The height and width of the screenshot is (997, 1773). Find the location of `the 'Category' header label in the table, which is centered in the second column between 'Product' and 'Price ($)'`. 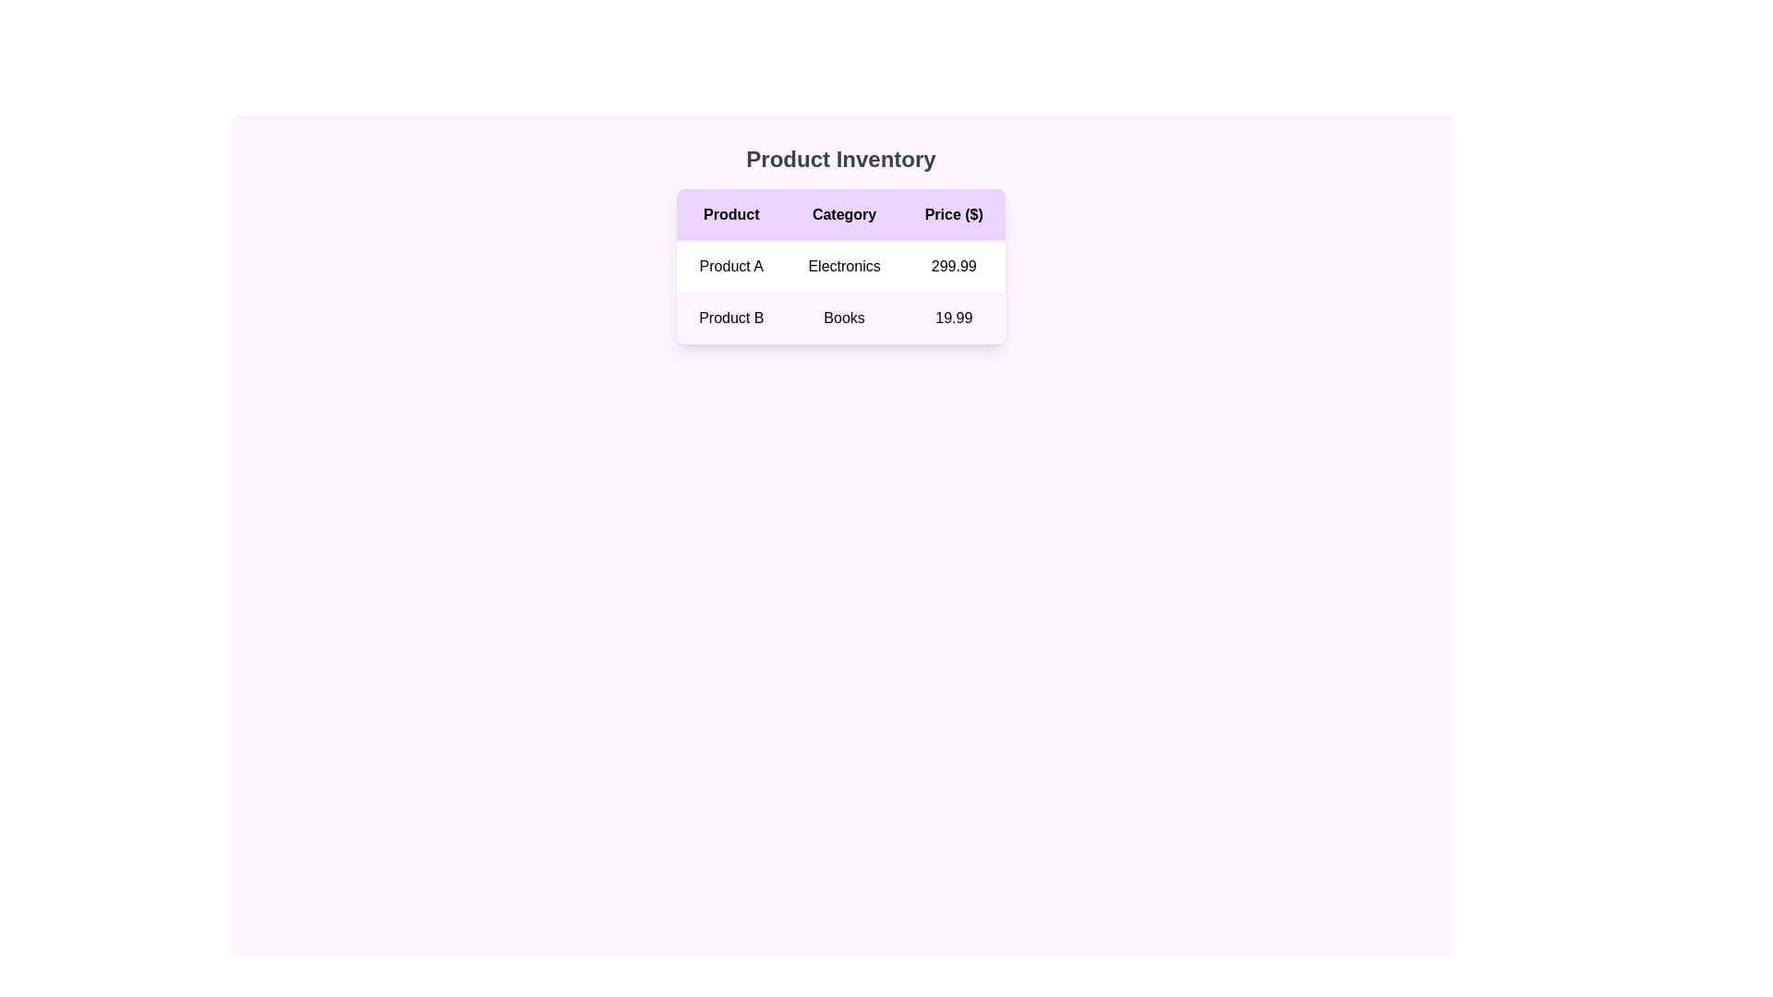

the 'Category' header label in the table, which is centered in the second column between 'Product' and 'Price ($)' is located at coordinates (843, 213).